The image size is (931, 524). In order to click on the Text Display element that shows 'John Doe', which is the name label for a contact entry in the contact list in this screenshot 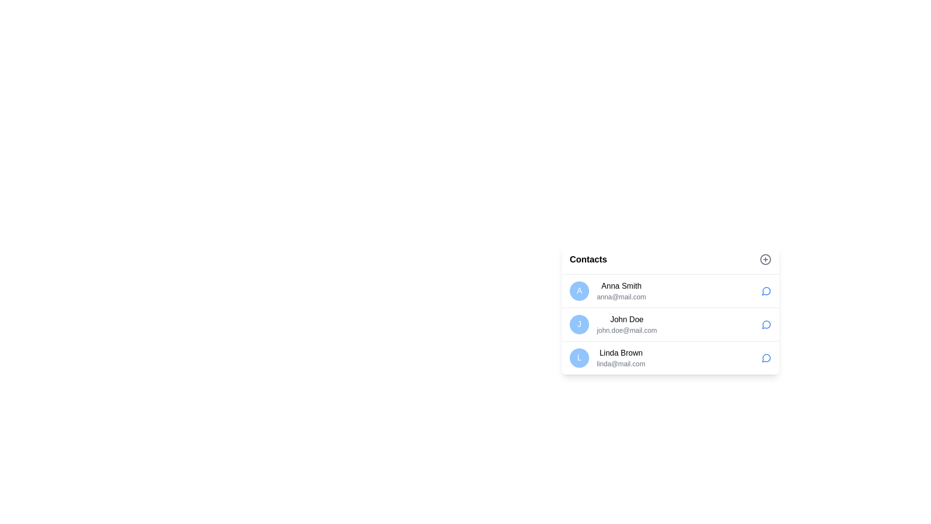, I will do `click(626, 320)`.